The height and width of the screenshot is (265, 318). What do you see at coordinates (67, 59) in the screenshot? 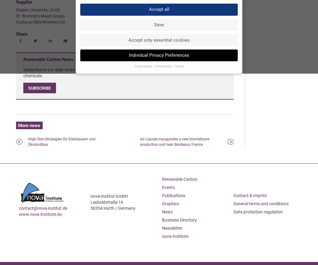
I see `'Renewable Carbon News – Daily Newsletter'` at bounding box center [67, 59].